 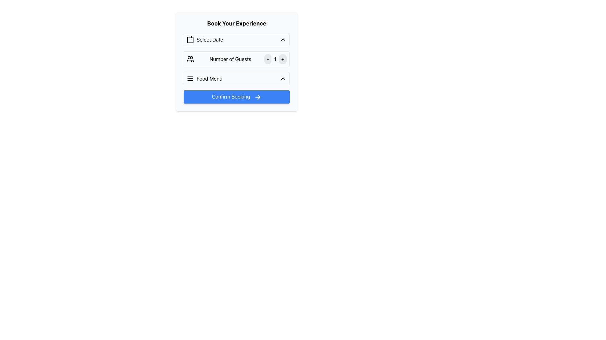 I want to click on the round button with a '-' symbol in the center, located in the 'Number of Guests' row, so click(x=268, y=59).